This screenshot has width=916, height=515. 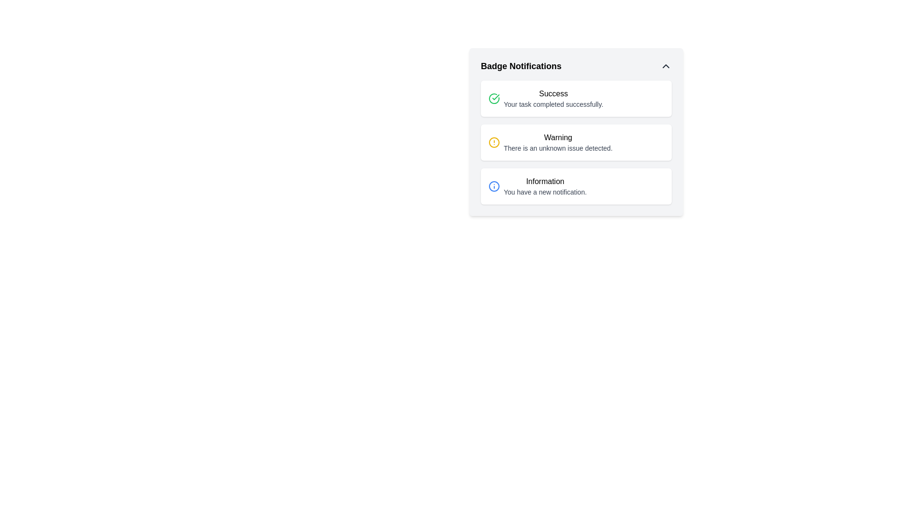 What do you see at coordinates (545, 192) in the screenshot?
I see `the notification message text that reads 'You have a new notification.' located beneath the bold title 'Information' in the notification card` at bounding box center [545, 192].